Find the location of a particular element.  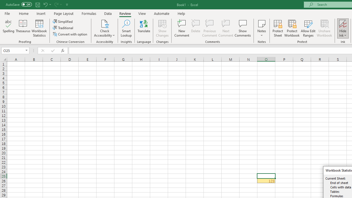

'Convert with option' is located at coordinates (70, 34).